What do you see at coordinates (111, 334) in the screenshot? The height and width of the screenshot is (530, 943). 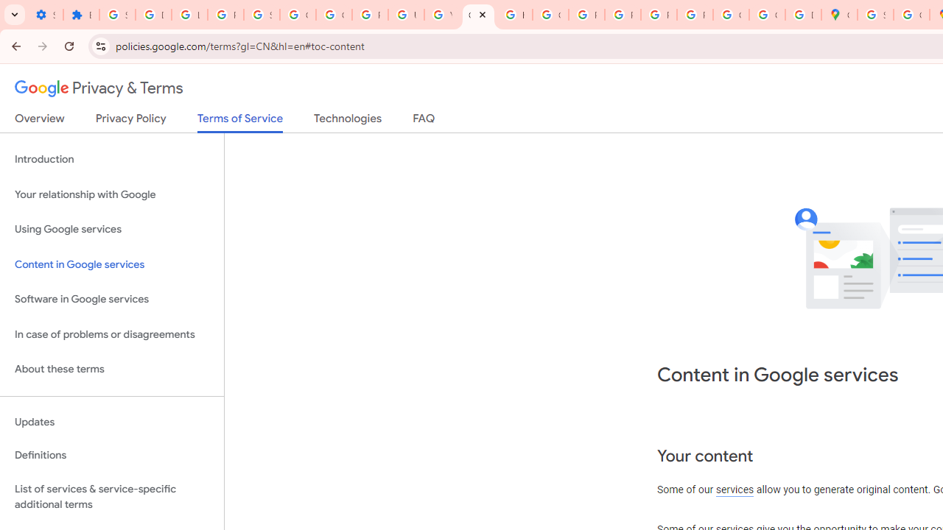 I see `'In case of problems or disagreements'` at bounding box center [111, 334].